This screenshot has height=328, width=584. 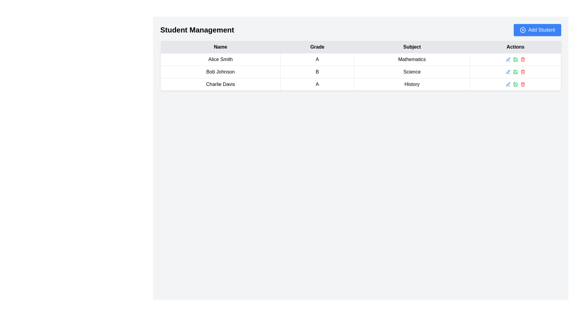 I want to click on the icon in the top-right corner of the 'Add Student' button to initiate the action of adding a new student, so click(x=522, y=30).